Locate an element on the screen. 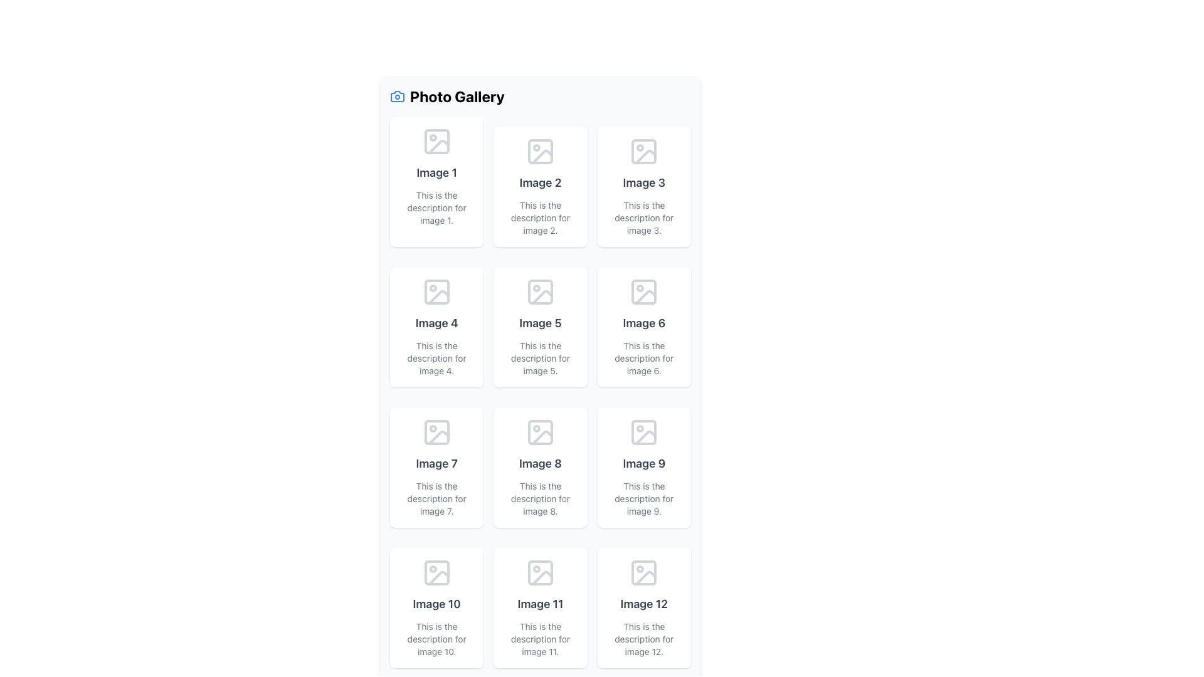  the Gallery Item or Card located in the fourth row and second column is located at coordinates (541, 607).